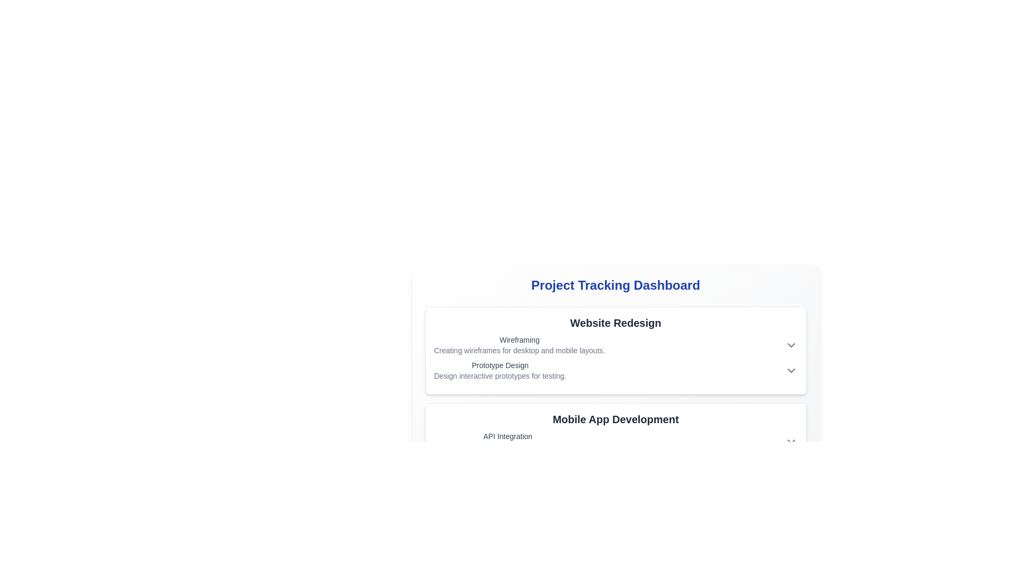  What do you see at coordinates (615, 418) in the screenshot?
I see `text label styled with bold and sizable font in dark gray color that reads 'Mobile App Development', prominently displayed below the 'Website Redesign' section` at bounding box center [615, 418].